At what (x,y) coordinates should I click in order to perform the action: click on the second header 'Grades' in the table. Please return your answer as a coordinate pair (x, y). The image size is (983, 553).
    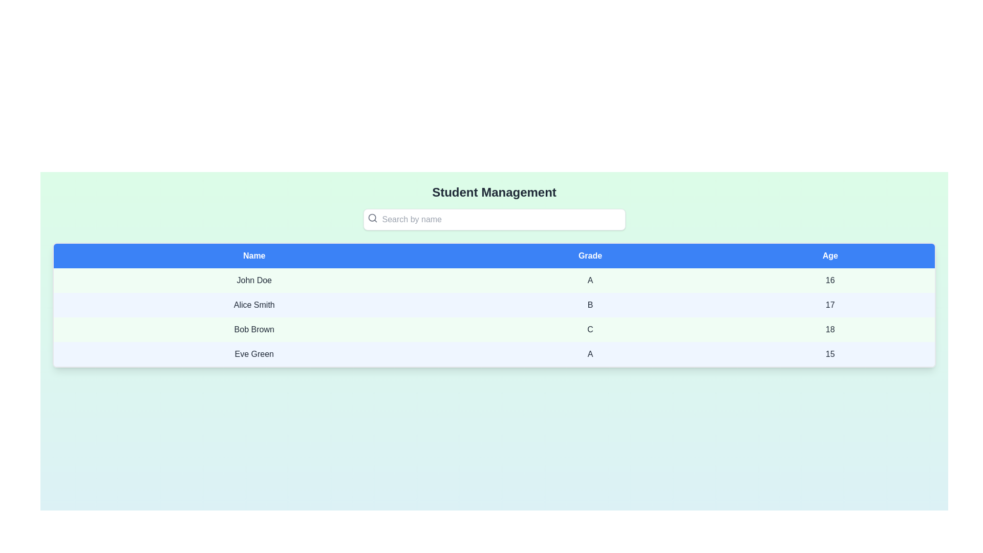
    Looking at the image, I should click on (590, 256).